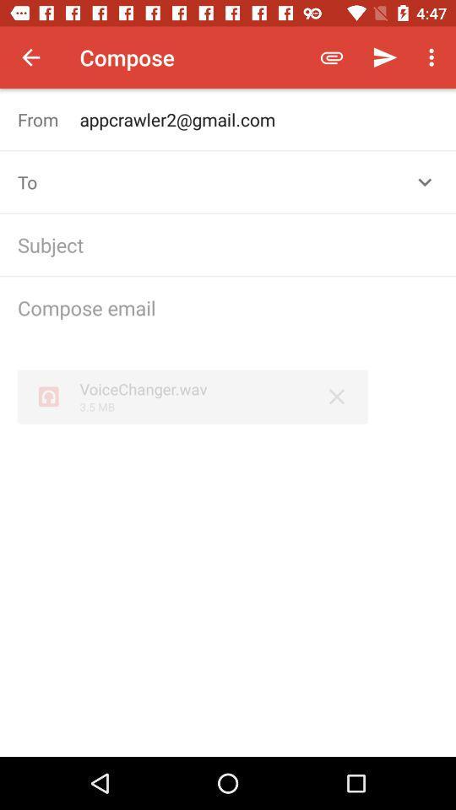 The width and height of the screenshot is (456, 810). What do you see at coordinates (424, 182) in the screenshot?
I see `the expand_more icon` at bounding box center [424, 182].